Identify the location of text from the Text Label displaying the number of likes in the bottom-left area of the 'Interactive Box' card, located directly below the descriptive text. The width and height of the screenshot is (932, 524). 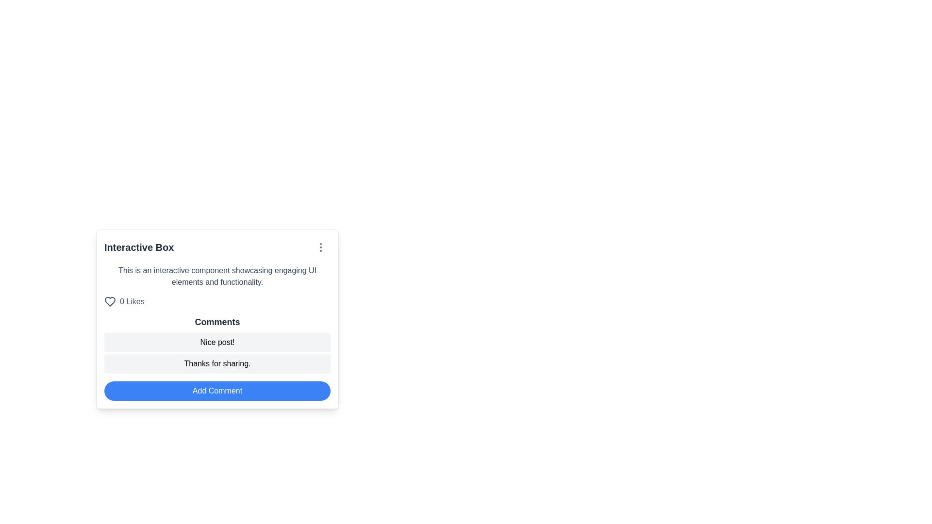
(132, 301).